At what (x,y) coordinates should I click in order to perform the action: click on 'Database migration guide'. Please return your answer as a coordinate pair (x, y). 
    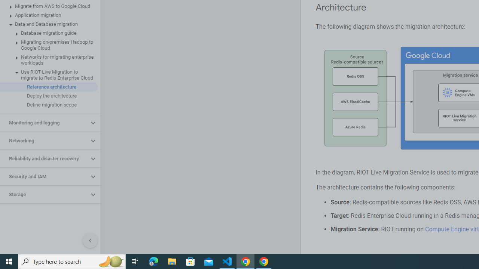
    Looking at the image, I should click on (48, 33).